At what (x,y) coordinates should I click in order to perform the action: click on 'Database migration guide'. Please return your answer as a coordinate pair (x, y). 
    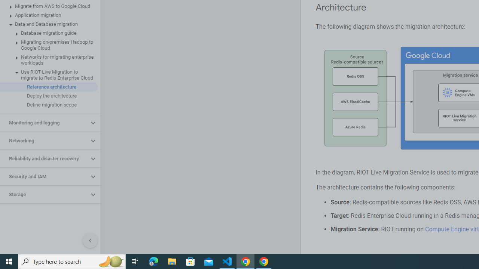
    Looking at the image, I should click on (48, 33).